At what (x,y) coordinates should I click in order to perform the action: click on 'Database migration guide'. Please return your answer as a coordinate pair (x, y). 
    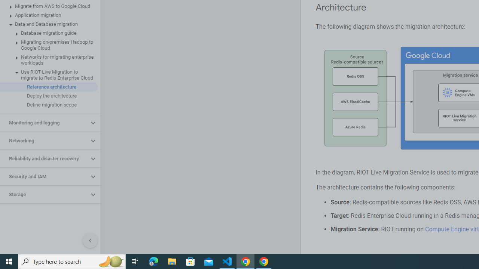
    Looking at the image, I should click on (48, 33).